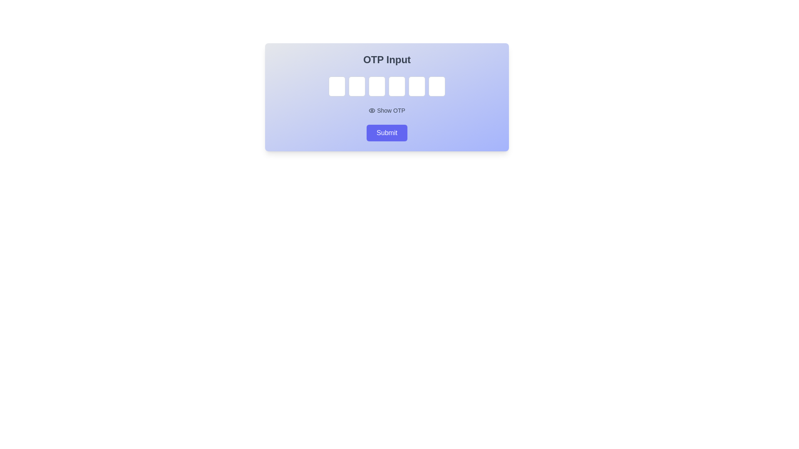 Image resolution: width=799 pixels, height=449 pixels. I want to click on the submit button located beneath the 'Show OTP' text and eye icon, so click(387, 133).